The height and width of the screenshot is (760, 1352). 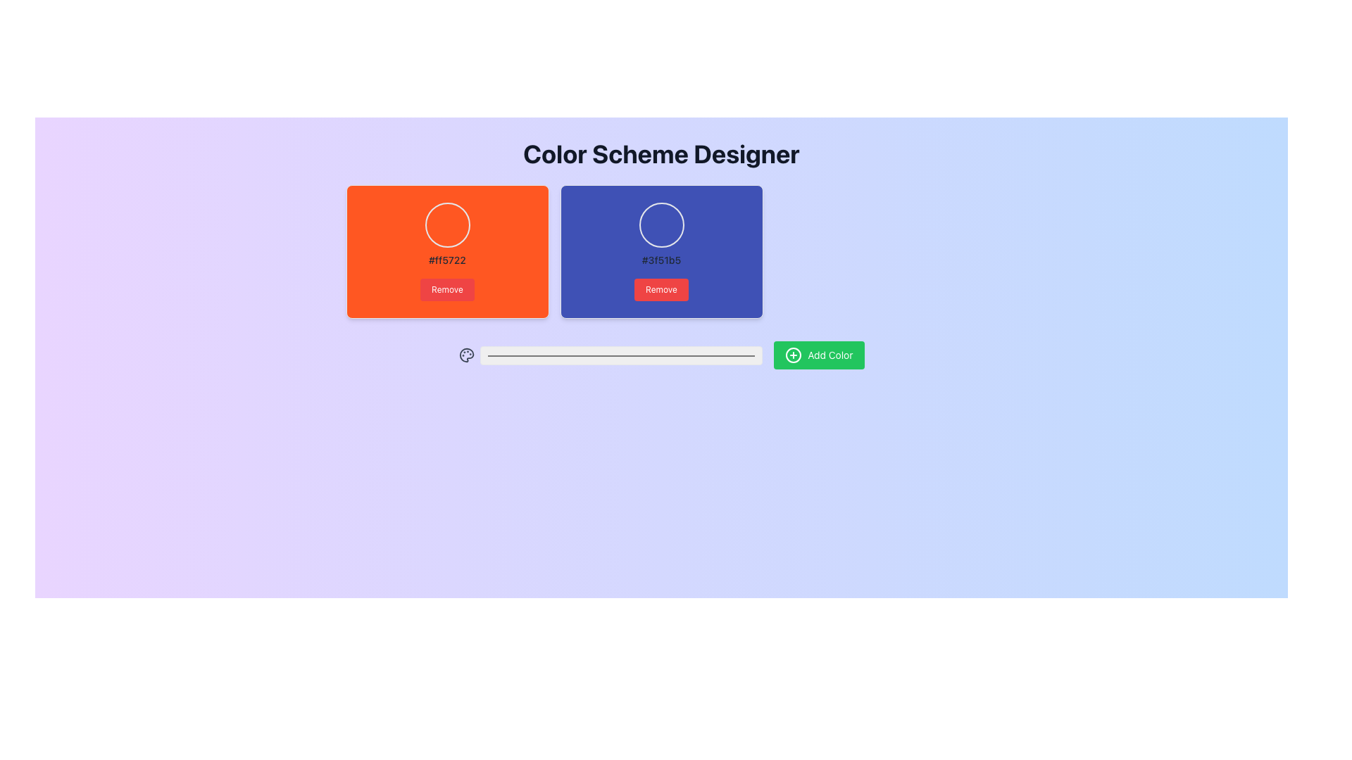 I want to click on the second card from the left in the Color Scheme Designer section, which has a blue background and a red button labeled 'Remove' to possibly trigger effects, so click(x=661, y=251).